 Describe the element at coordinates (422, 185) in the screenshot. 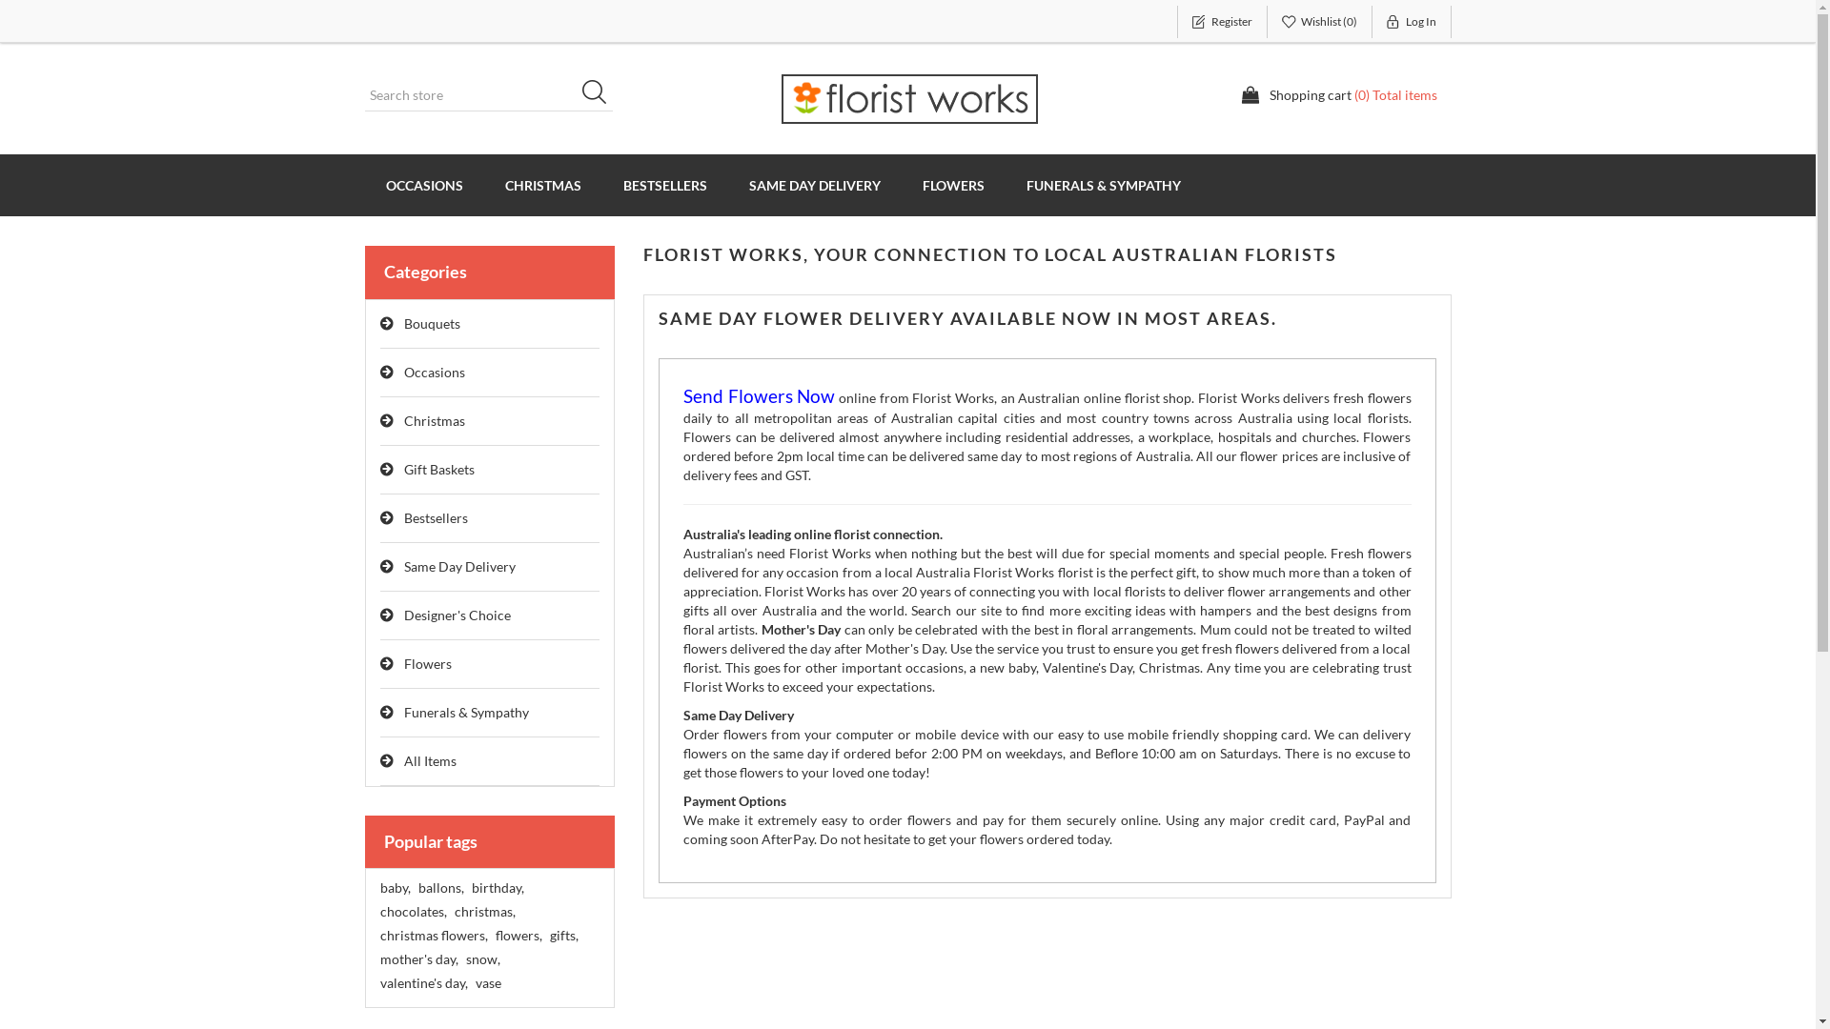

I see `'OCCASIONS'` at that location.